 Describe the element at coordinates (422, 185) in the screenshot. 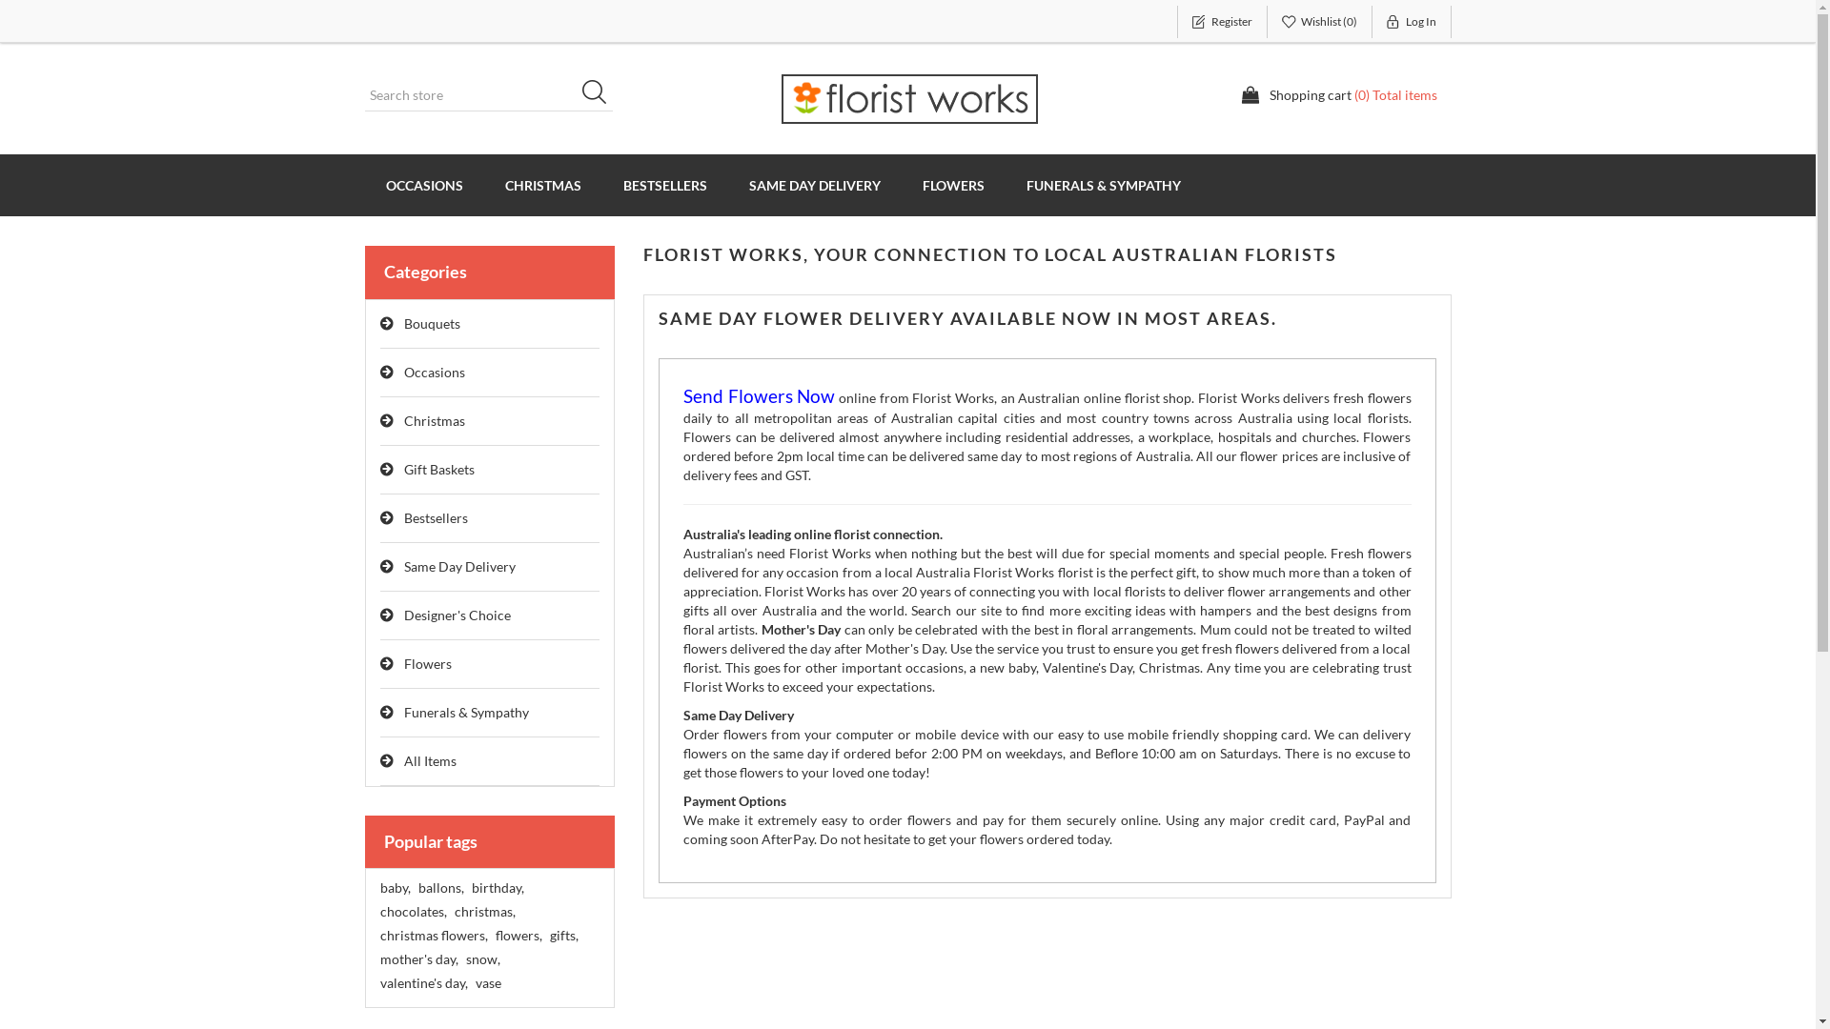

I see `'OCCASIONS'` at that location.